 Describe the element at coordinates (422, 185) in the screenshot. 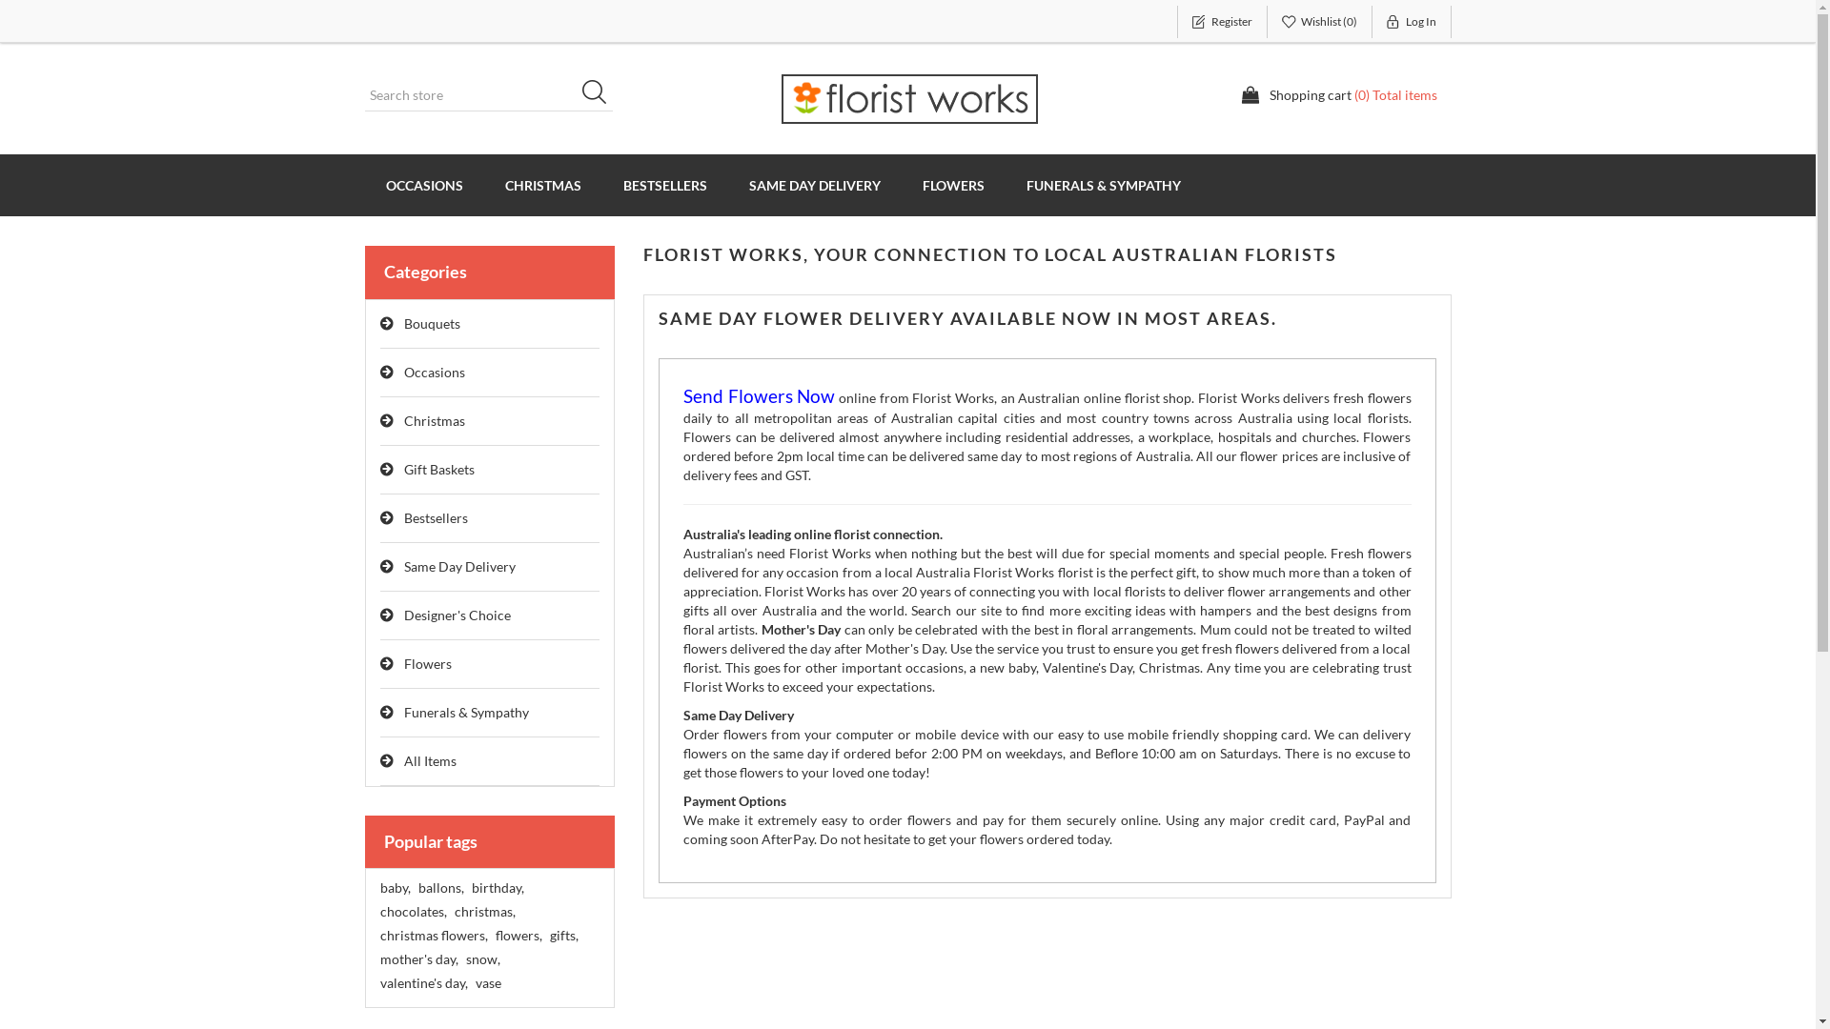

I see `'OCCASIONS'` at that location.